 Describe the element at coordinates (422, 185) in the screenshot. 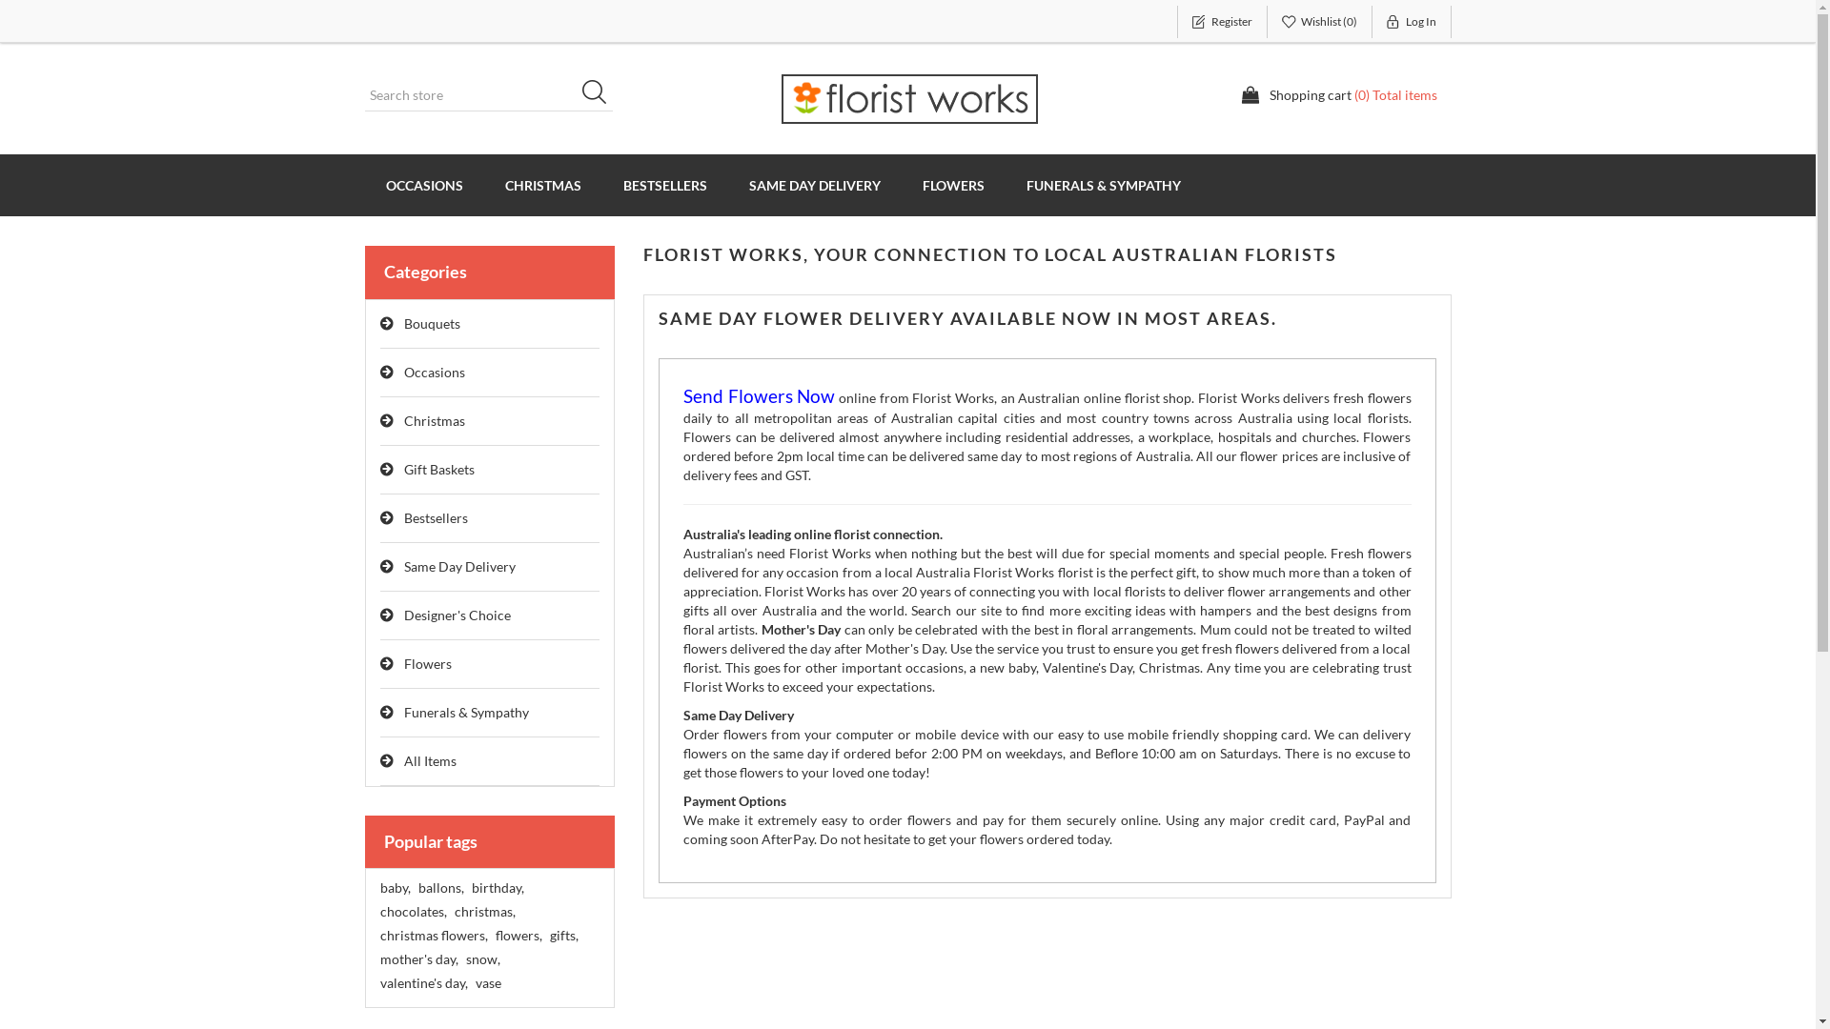

I see `'OCCASIONS'` at that location.